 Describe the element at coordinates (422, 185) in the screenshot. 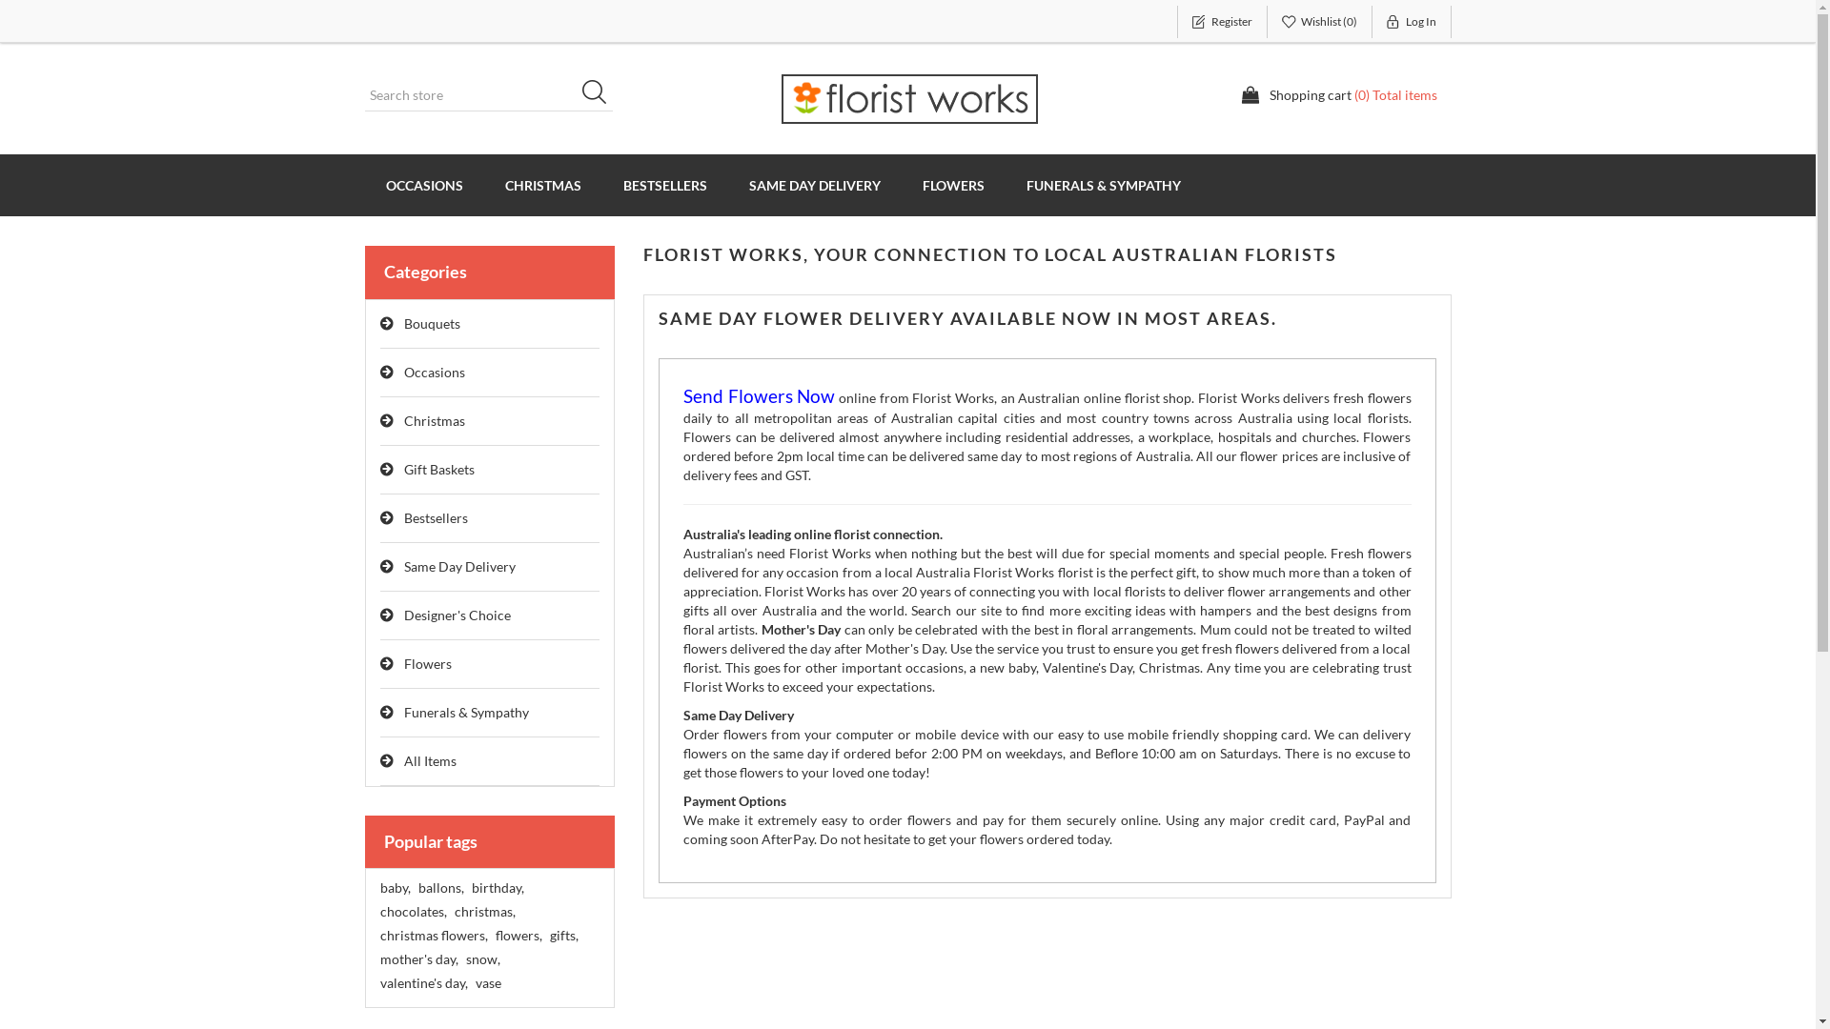

I see `'OCCASIONS'` at that location.